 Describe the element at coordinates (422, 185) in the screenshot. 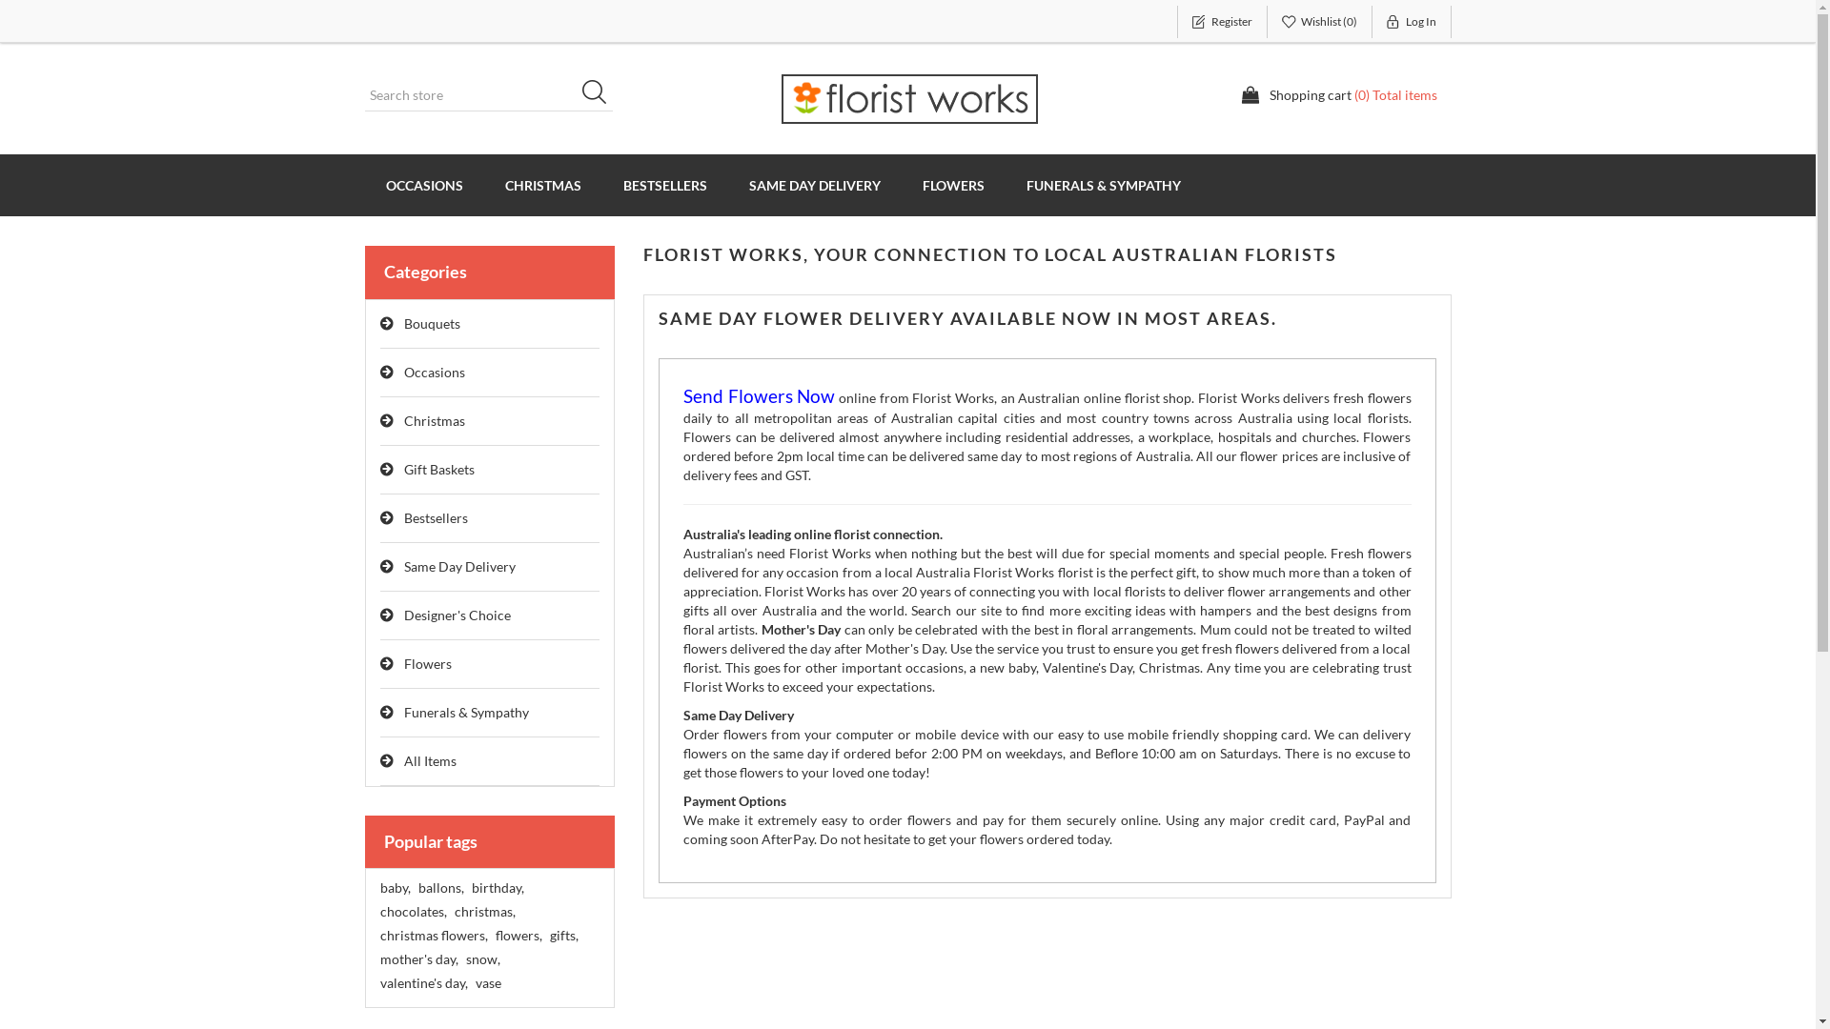

I see `'OCCASIONS'` at that location.